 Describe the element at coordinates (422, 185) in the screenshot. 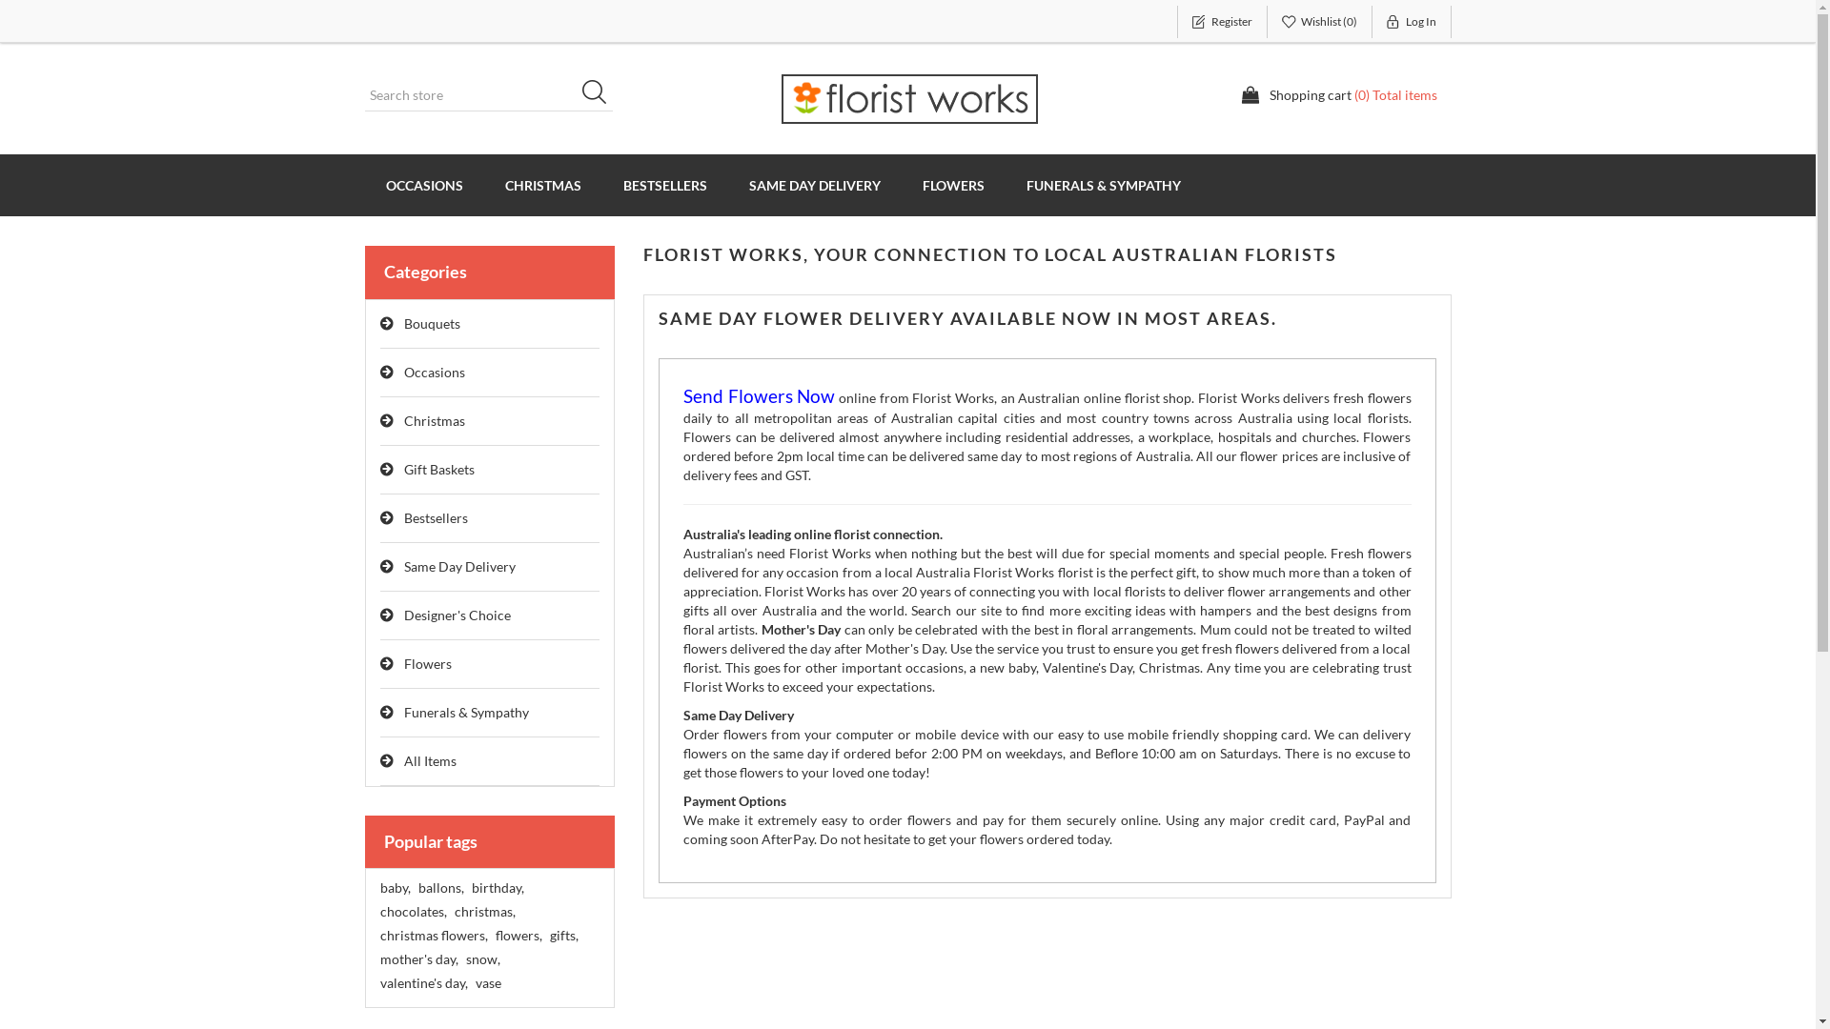

I see `'OCCASIONS'` at that location.